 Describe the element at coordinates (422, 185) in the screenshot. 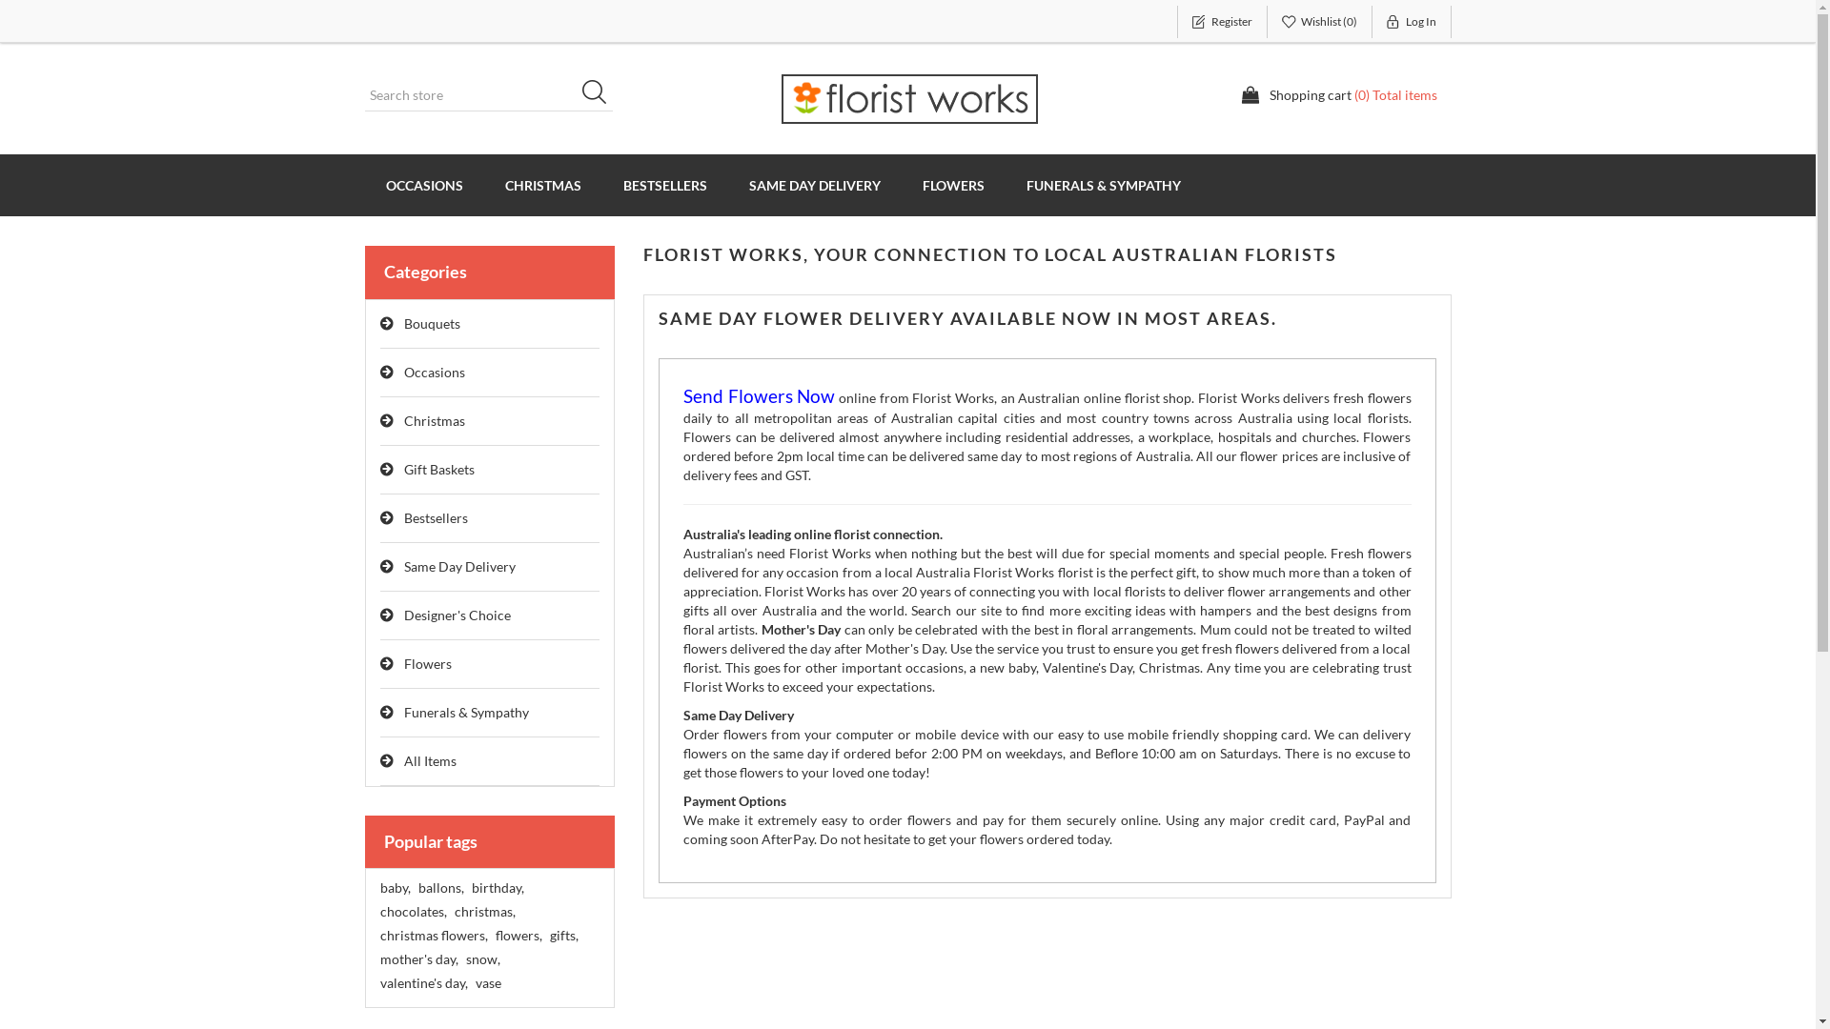

I see `'OCCASIONS'` at that location.